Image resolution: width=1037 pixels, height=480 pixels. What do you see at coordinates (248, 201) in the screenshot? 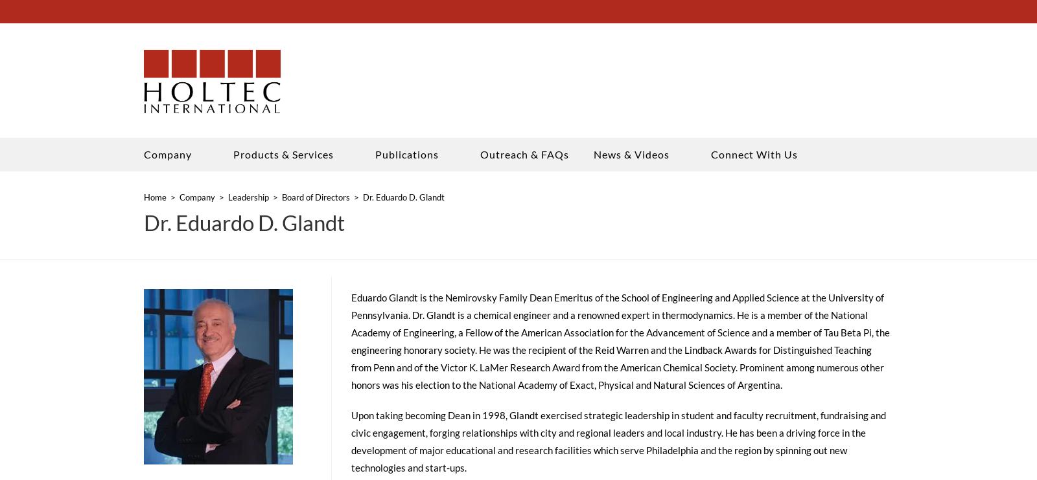
I see `'Leadership'` at bounding box center [248, 201].